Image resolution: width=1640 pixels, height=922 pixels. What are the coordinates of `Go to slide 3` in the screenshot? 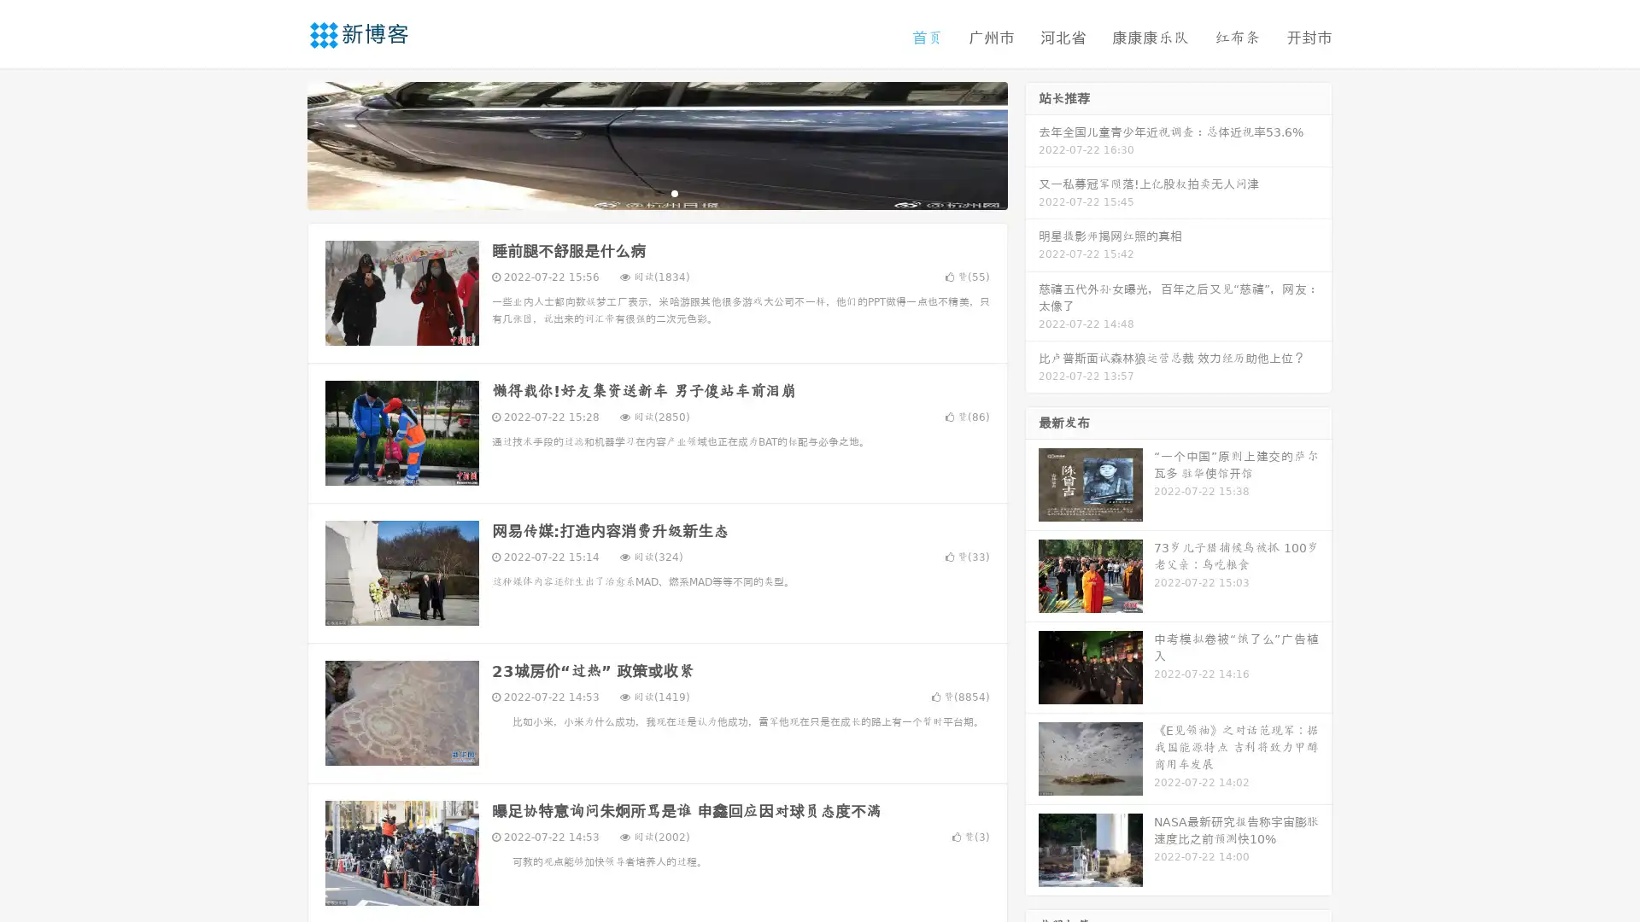 It's located at (674, 192).